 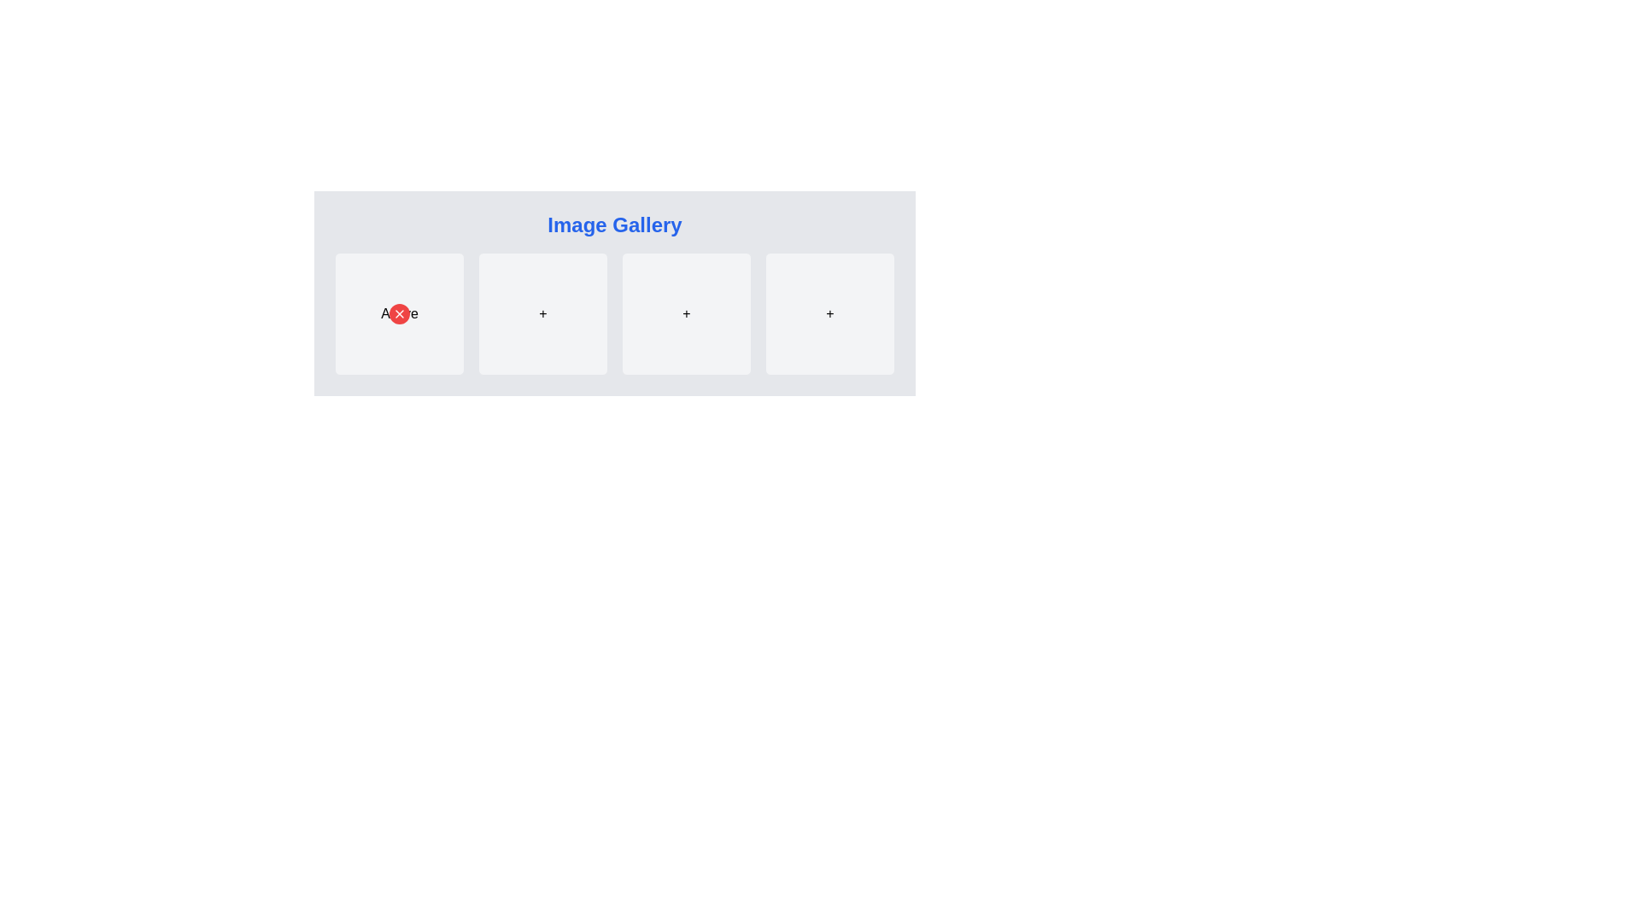 What do you see at coordinates (398, 313) in the screenshot?
I see `the circular red button with a white 'X' icon located at the top-right corner of the 'Active' card` at bounding box center [398, 313].